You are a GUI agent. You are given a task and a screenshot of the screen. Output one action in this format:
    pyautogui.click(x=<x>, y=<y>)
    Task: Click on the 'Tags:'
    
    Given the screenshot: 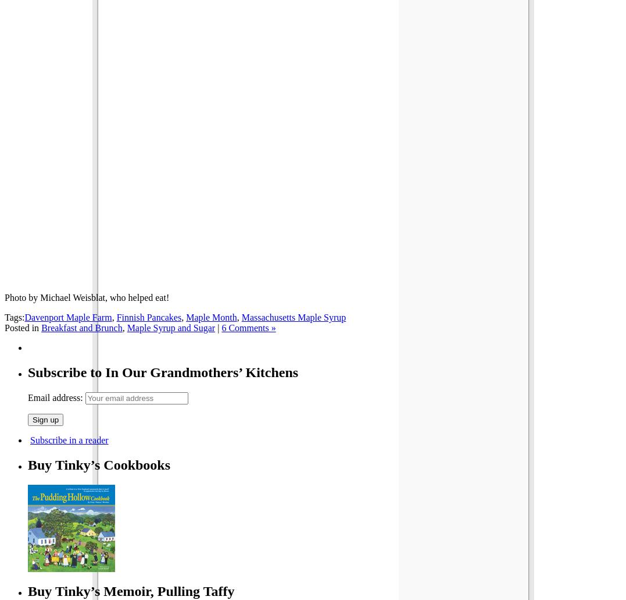 What is the action you would take?
    pyautogui.click(x=13, y=317)
    